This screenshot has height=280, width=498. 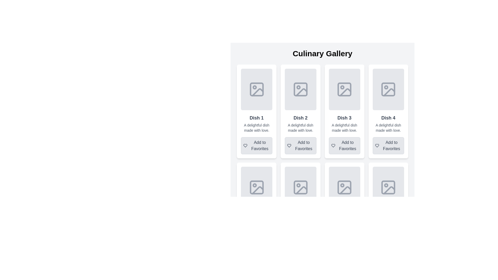 What do you see at coordinates (344, 146) in the screenshot?
I see `the 'Add to Favorites' button located at the bottom of the 'Dish 3' card in the Culinary Gallery interface` at bounding box center [344, 146].